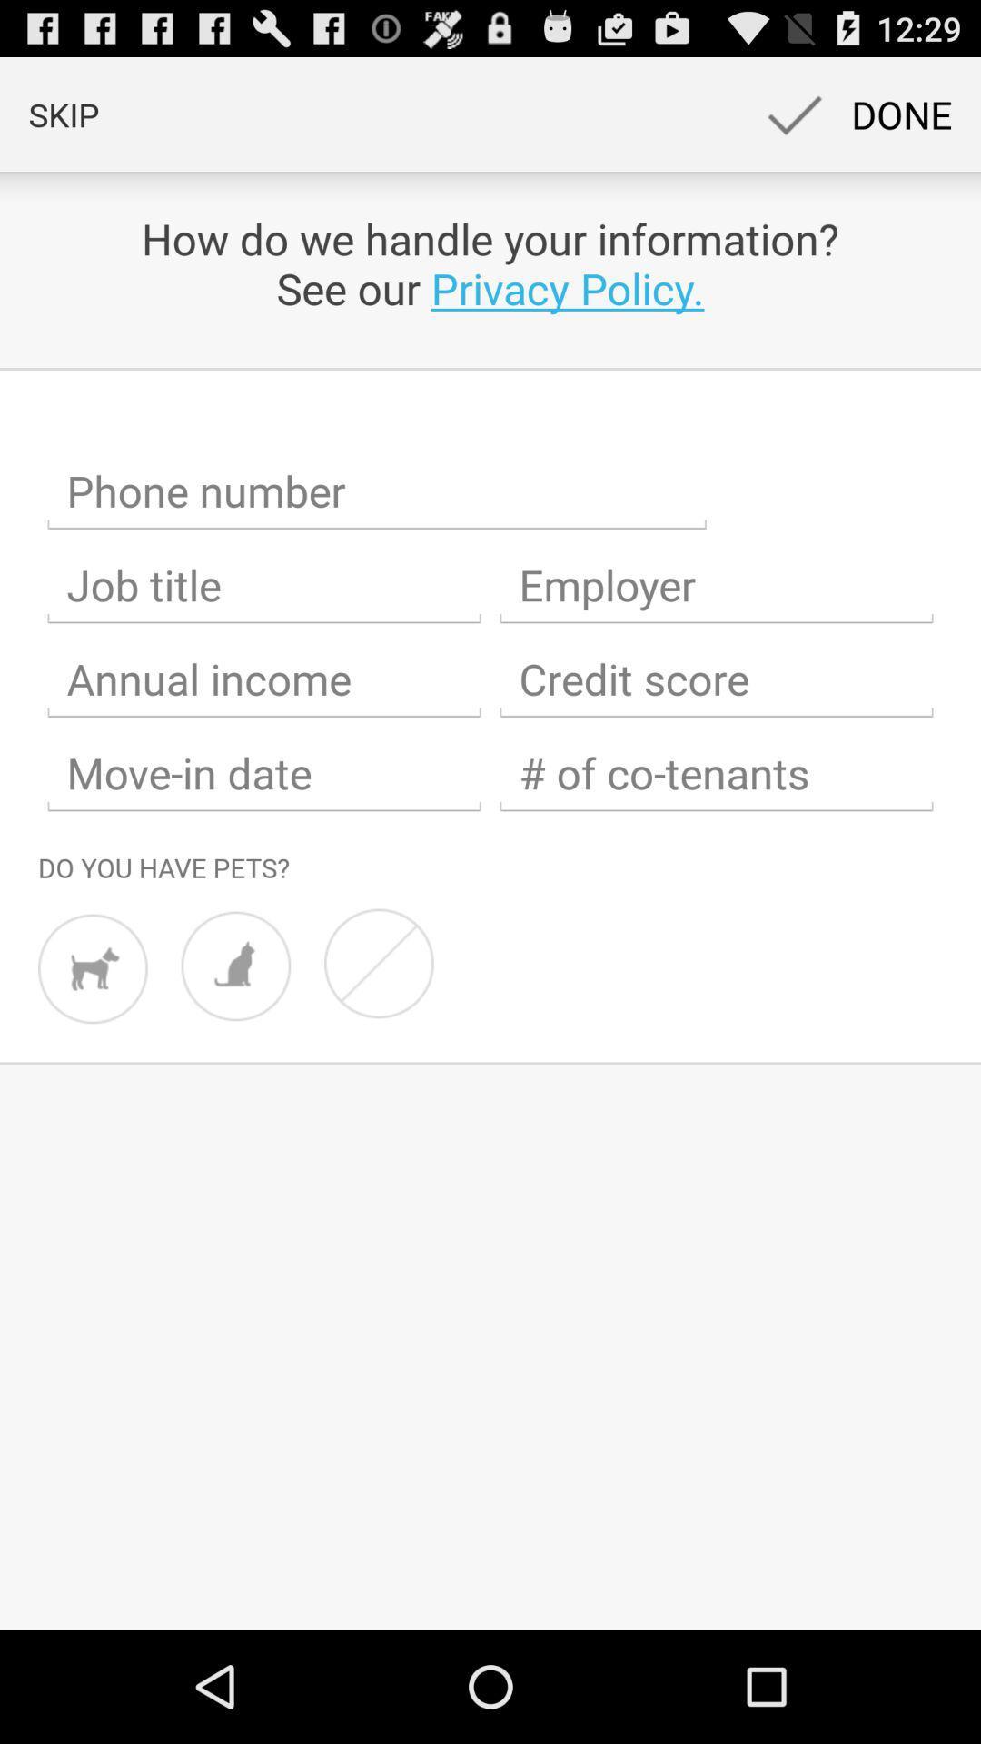 The height and width of the screenshot is (1744, 981). I want to click on employer name, so click(716, 585).